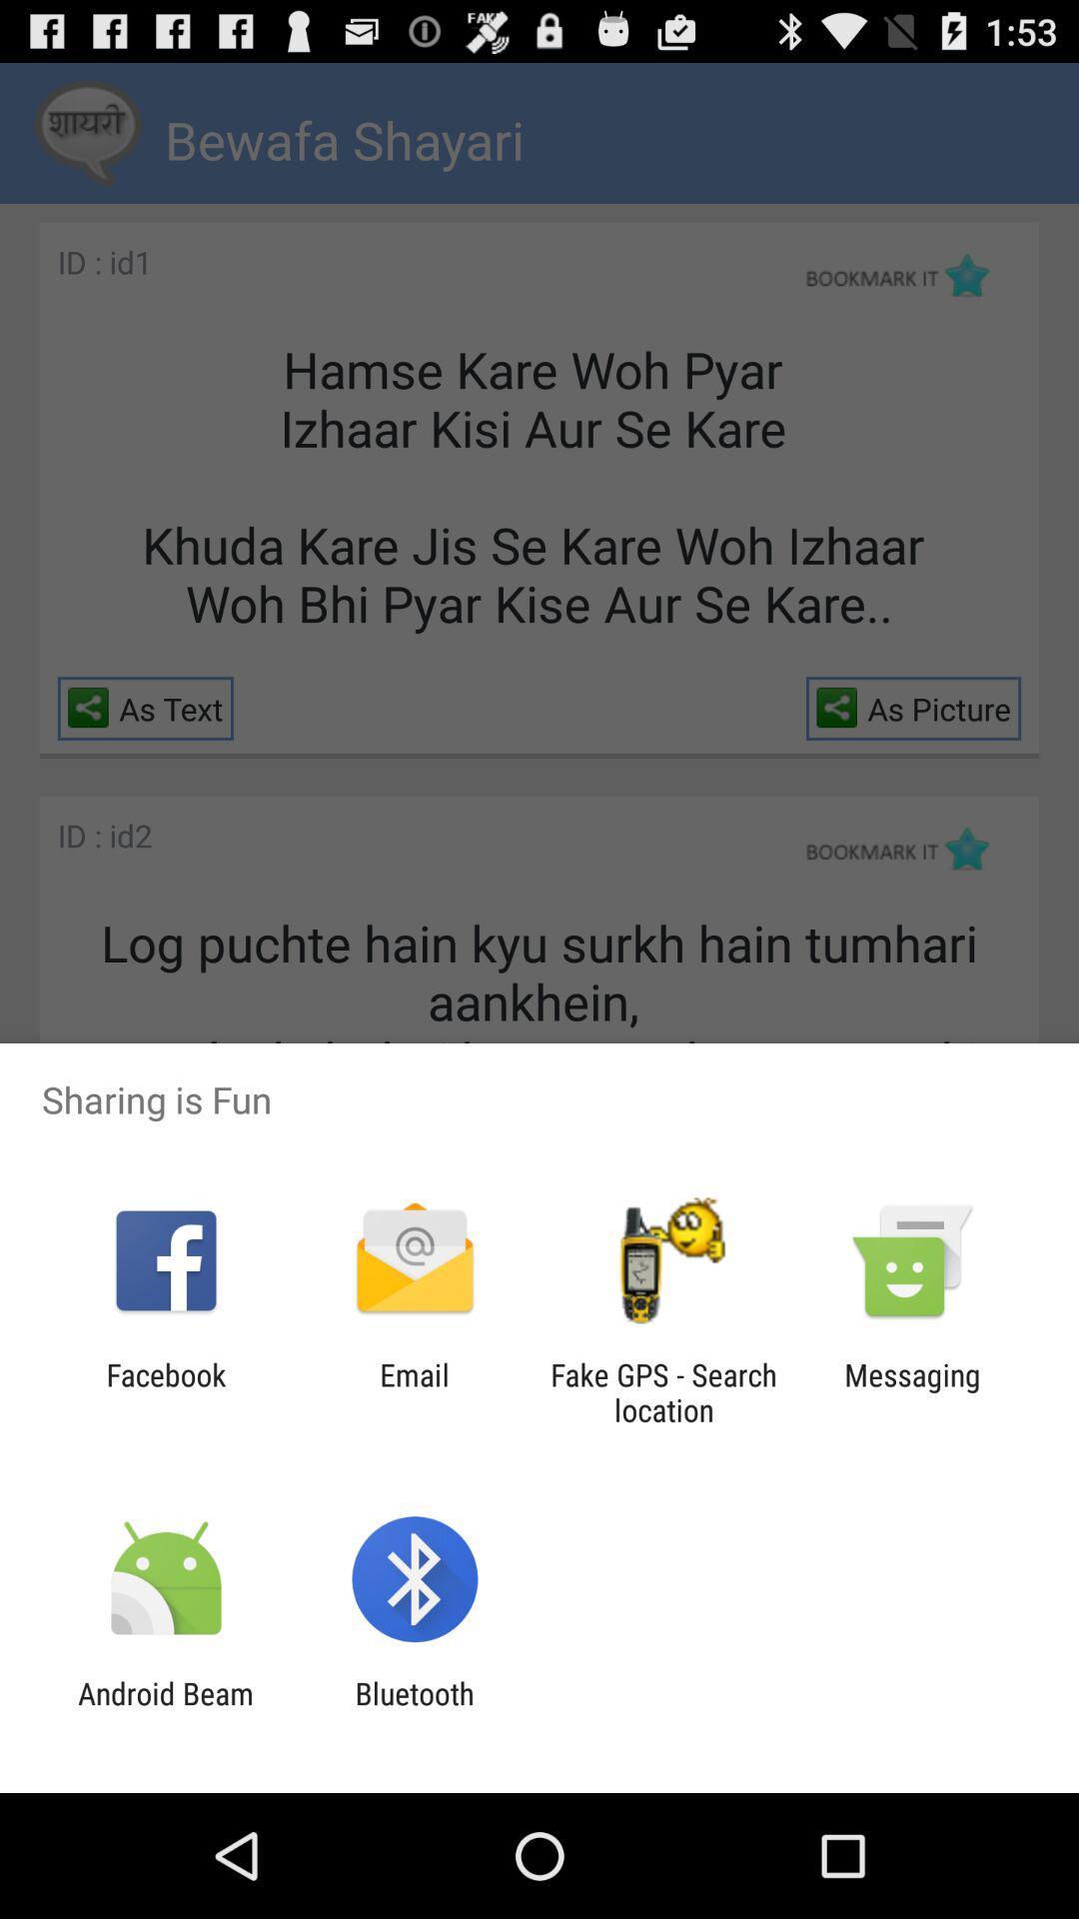  Describe the element at coordinates (165, 1391) in the screenshot. I see `the icon next to email item` at that location.